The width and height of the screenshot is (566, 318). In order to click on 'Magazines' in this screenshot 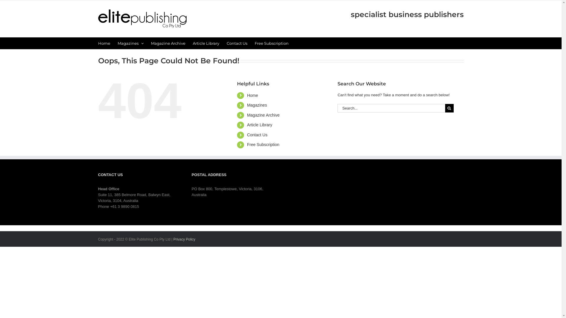, I will do `click(257, 105)`.